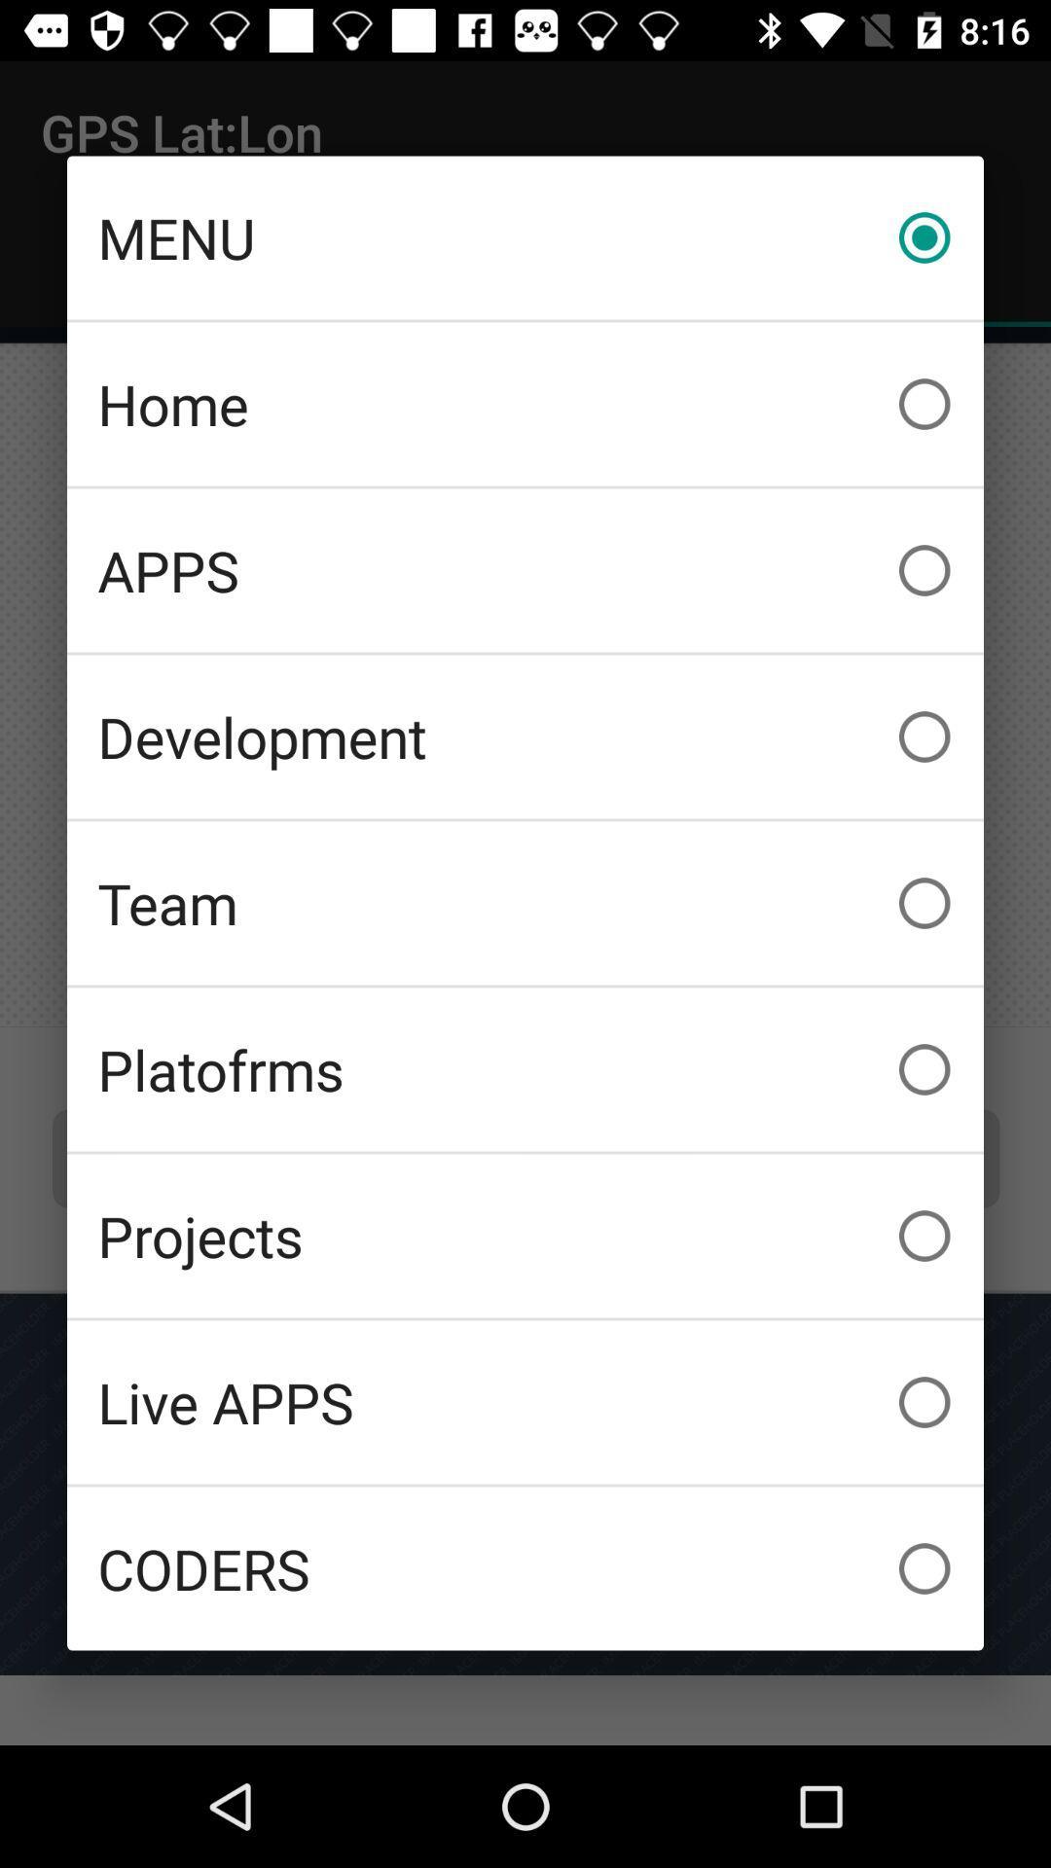 The image size is (1051, 1868). I want to click on the live apps item, so click(525, 1402).